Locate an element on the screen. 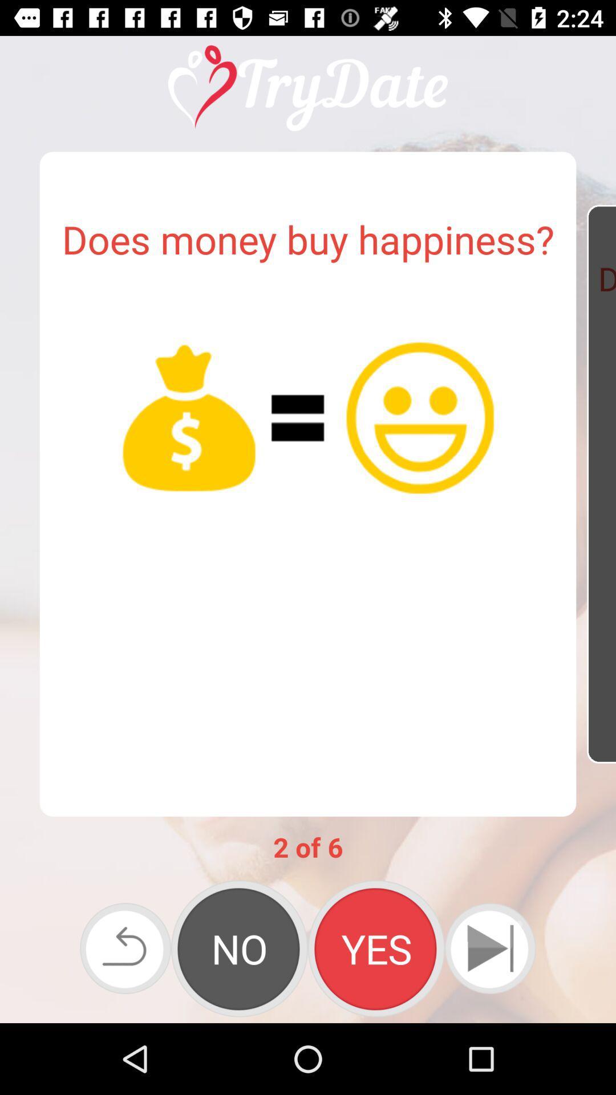 This screenshot has height=1095, width=616. go forward is located at coordinates (489, 948).